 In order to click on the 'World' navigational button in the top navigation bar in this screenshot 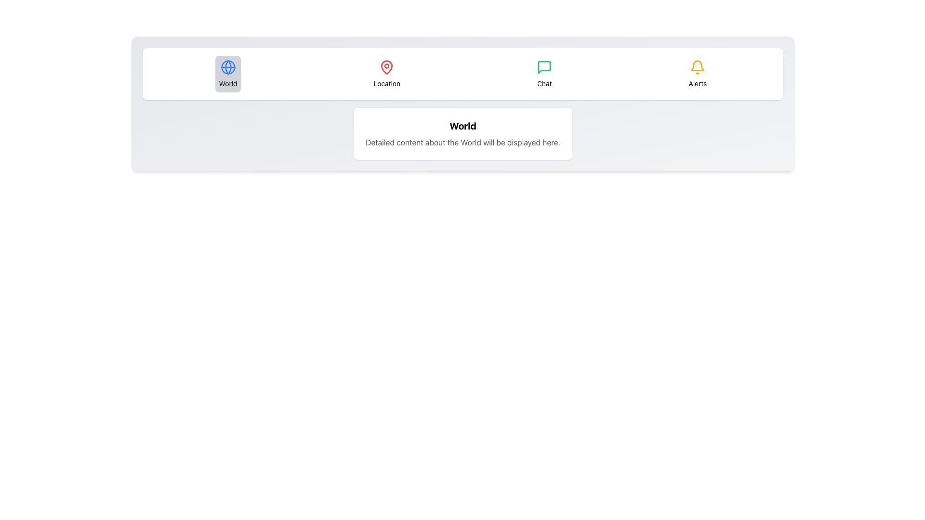, I will do `click(227, 66)`.